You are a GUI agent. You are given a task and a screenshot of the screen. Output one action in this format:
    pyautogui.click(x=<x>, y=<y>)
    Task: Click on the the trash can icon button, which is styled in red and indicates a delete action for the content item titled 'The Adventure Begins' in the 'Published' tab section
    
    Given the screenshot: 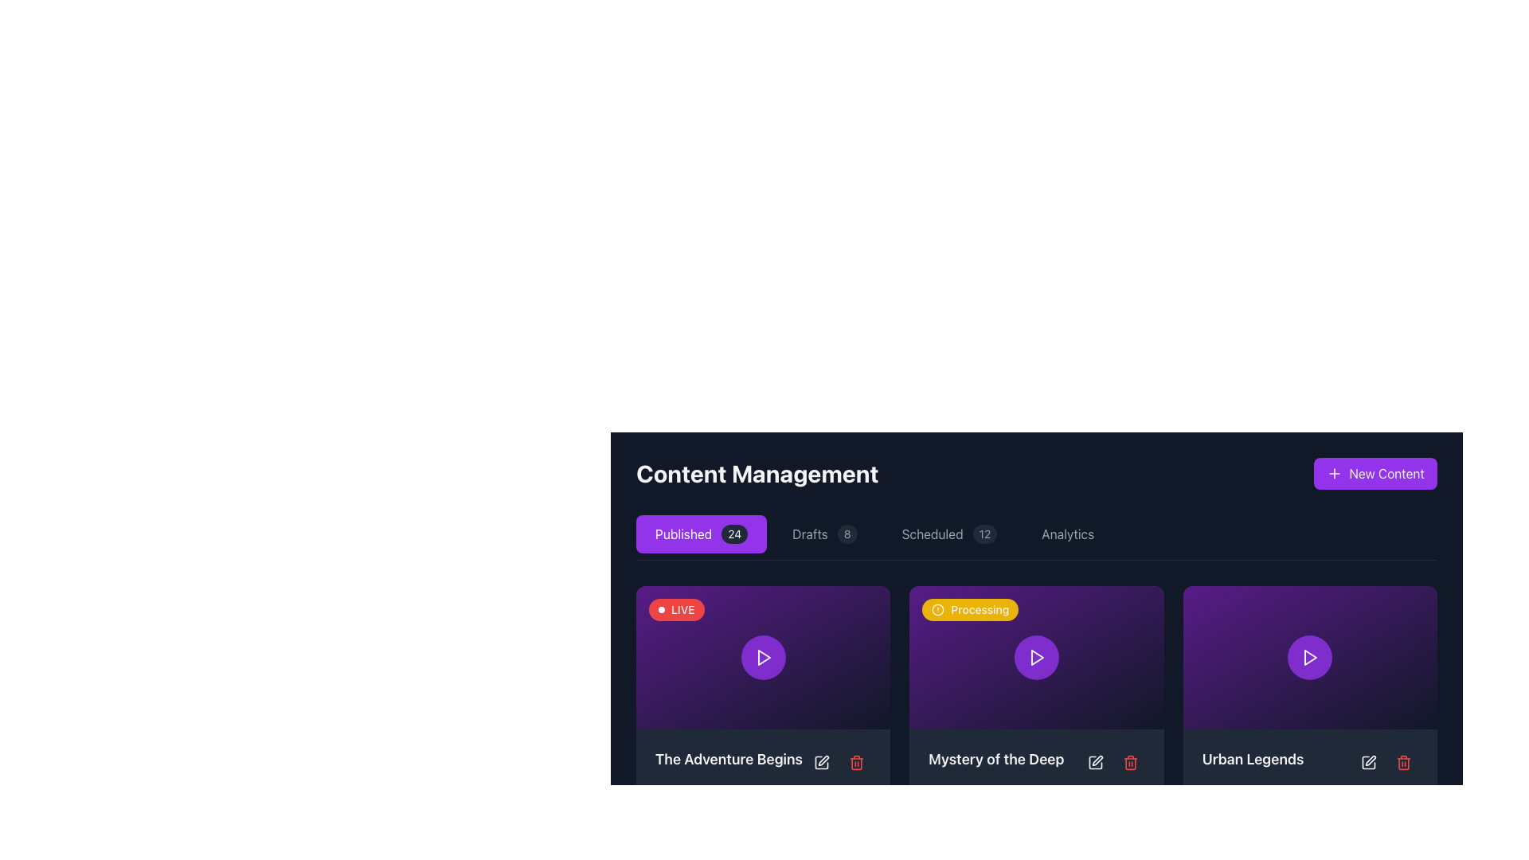 What is the action you would take?
    pyautogui.click(x=856, y=761)
    